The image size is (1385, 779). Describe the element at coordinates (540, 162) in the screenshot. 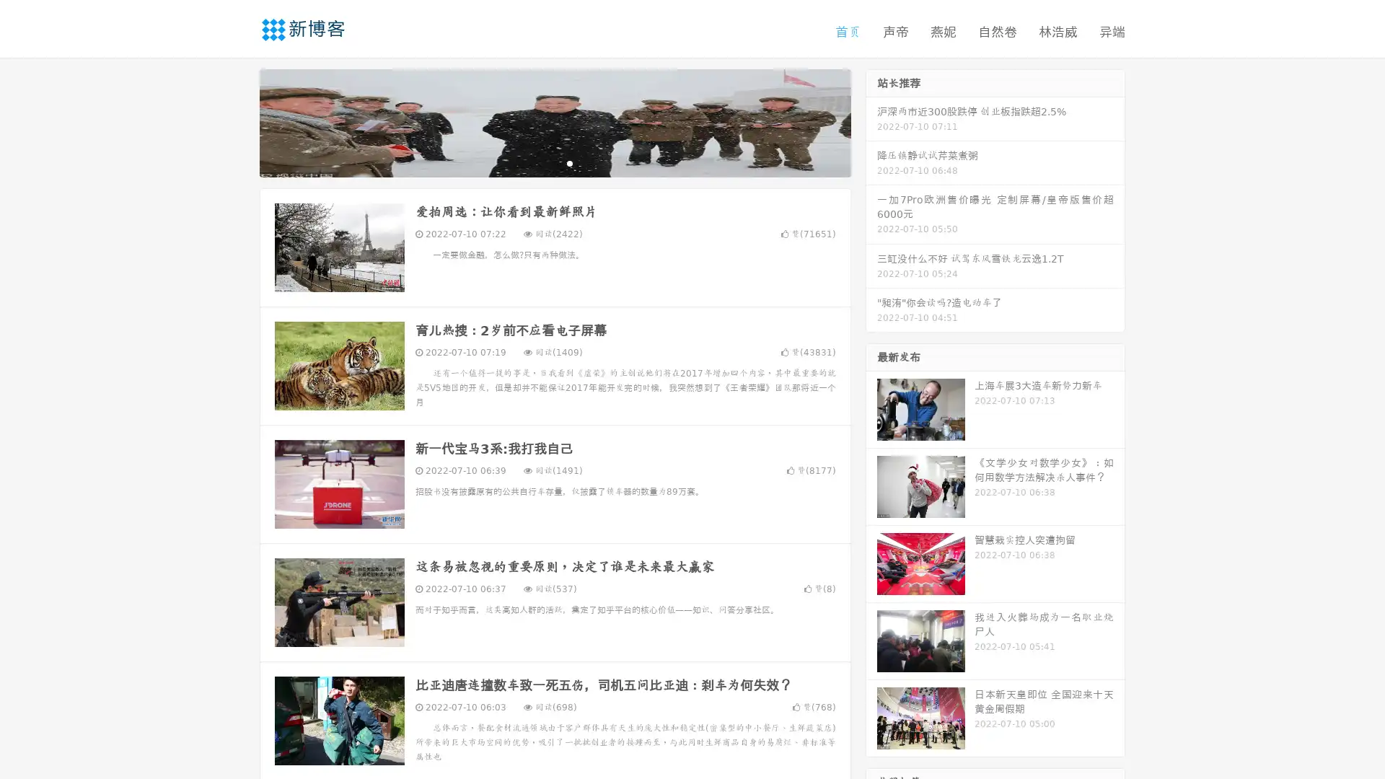

I see `Go to slide 1` at that location.